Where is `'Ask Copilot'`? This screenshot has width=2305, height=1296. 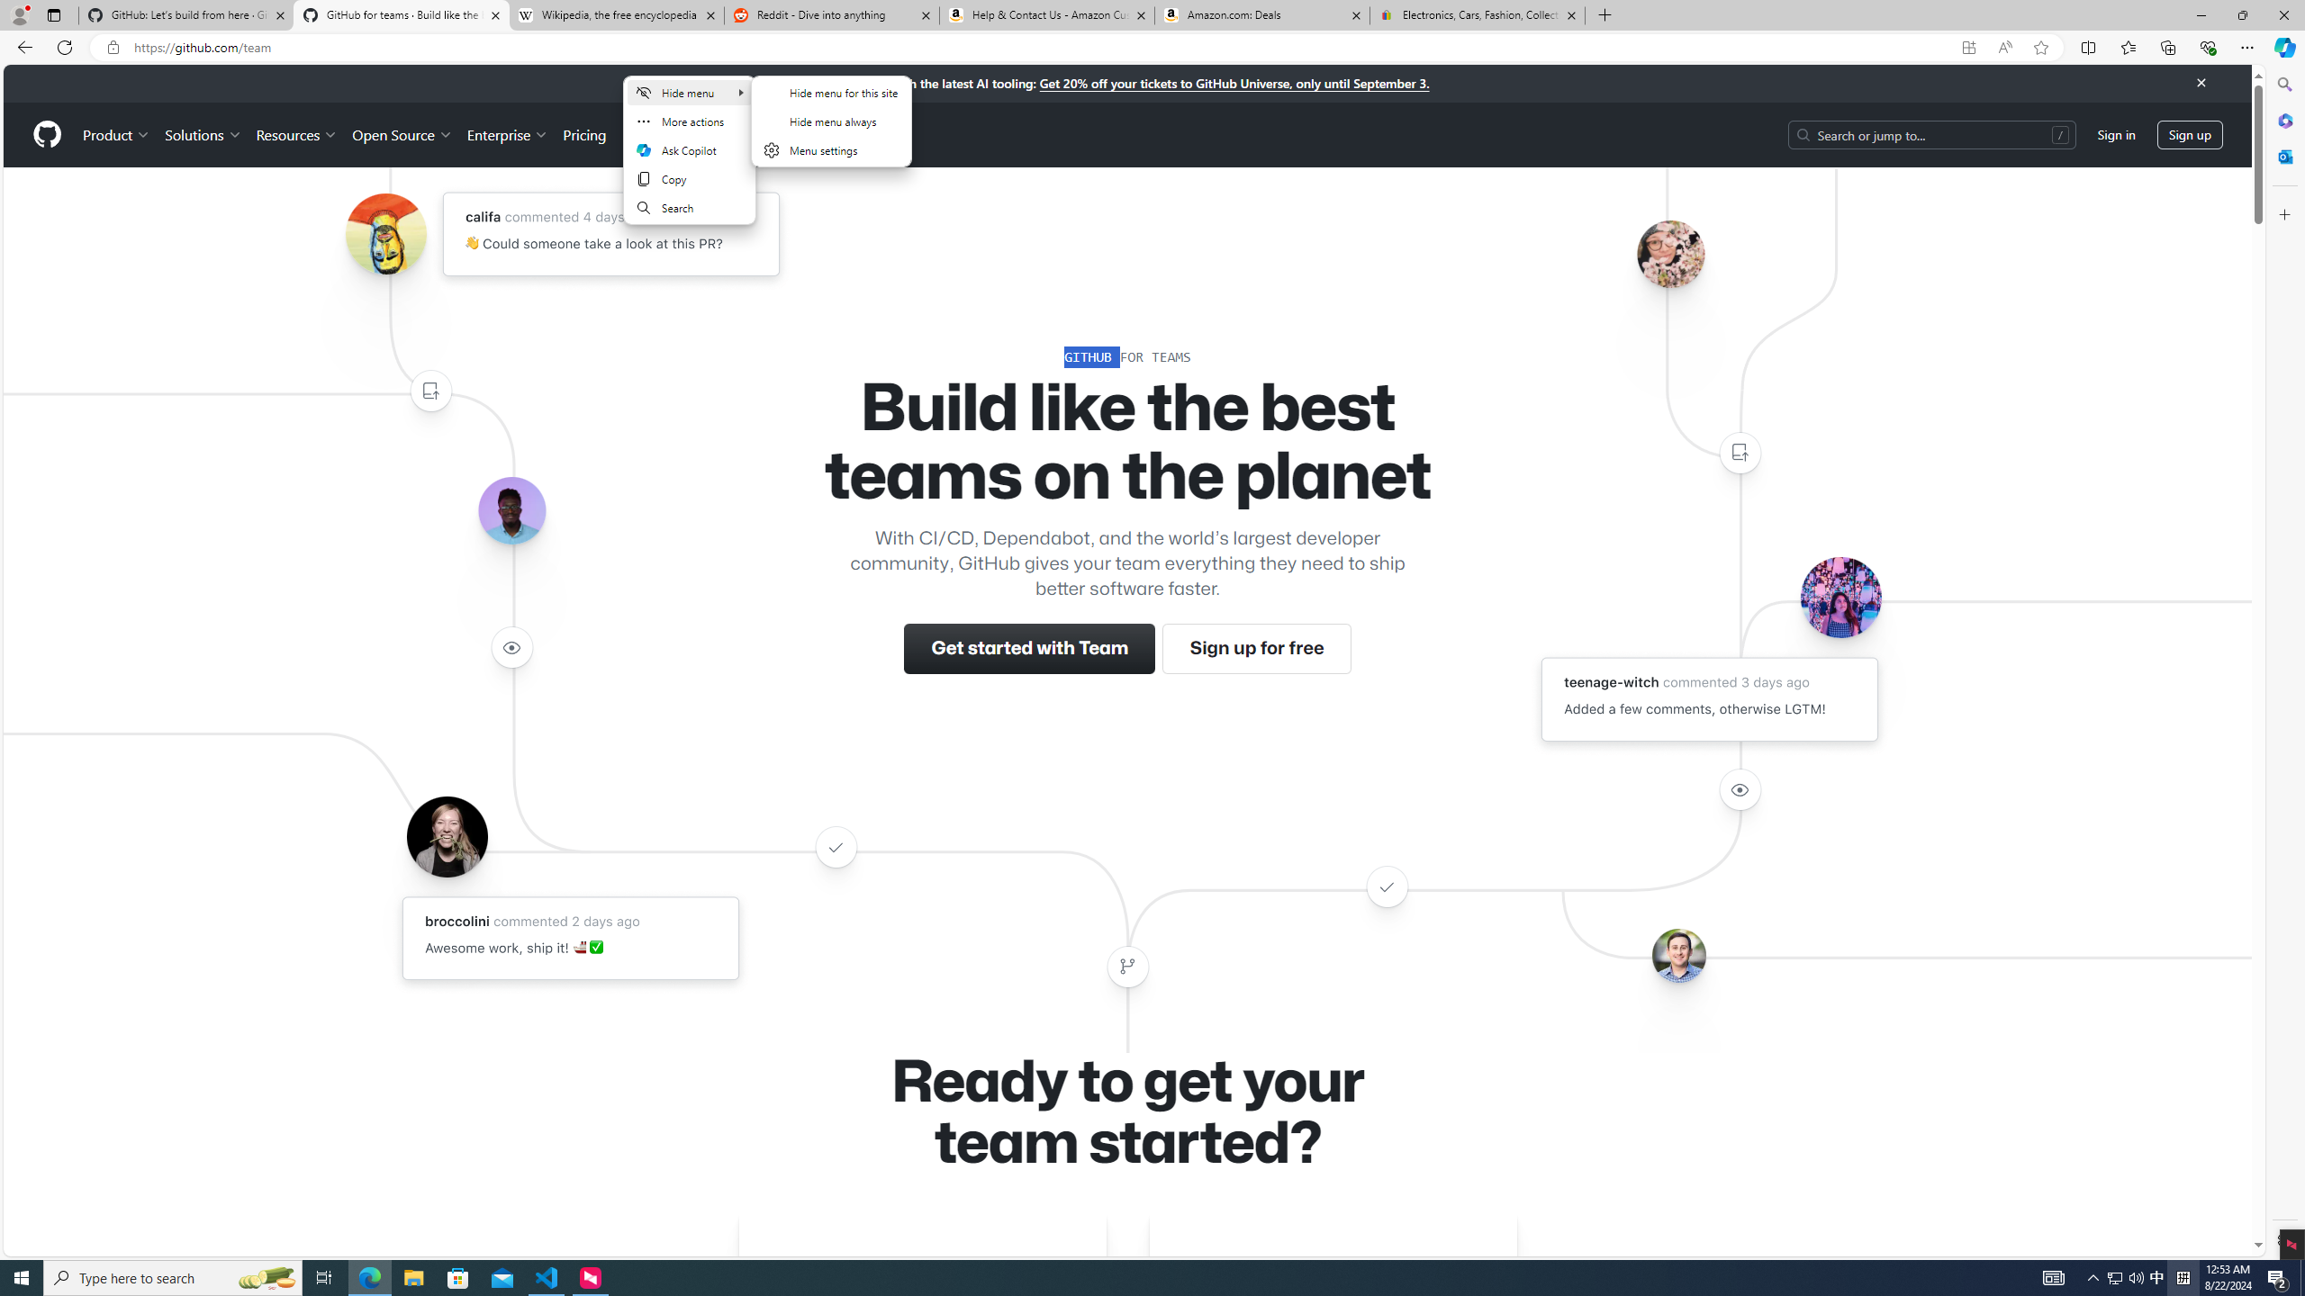
'Ask Copilot' is located at coordinates (690, 149).